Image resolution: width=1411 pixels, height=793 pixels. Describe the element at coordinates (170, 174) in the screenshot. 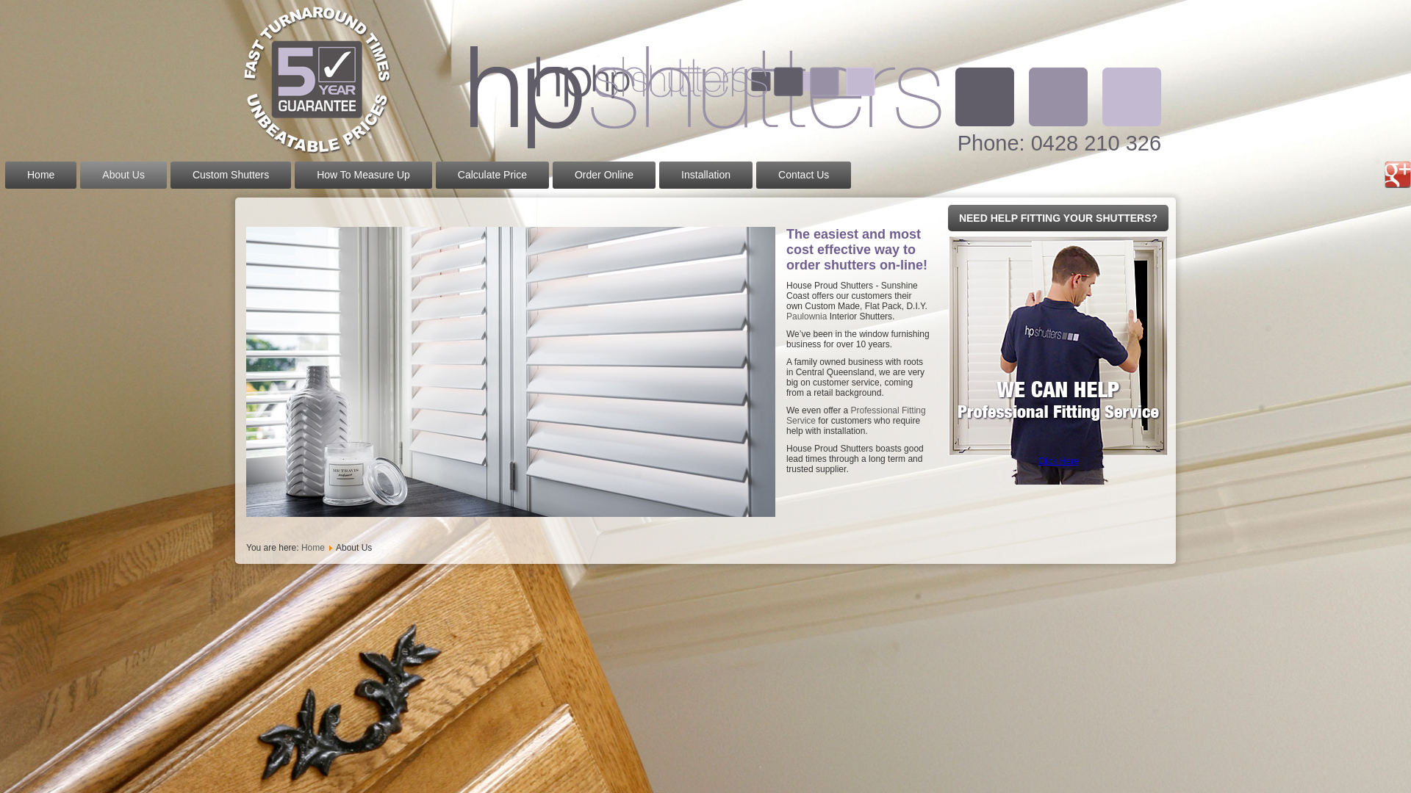

I see `'Custom Shutters'` at that location.